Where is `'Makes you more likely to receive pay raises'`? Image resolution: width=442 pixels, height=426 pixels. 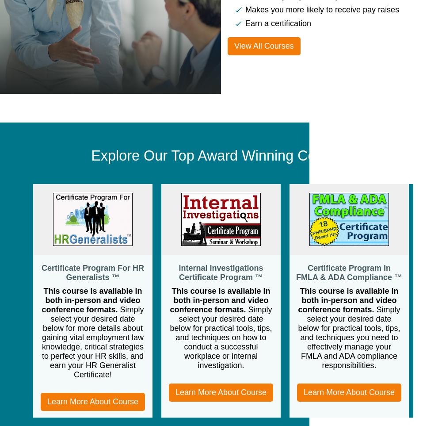 'Makes you more likely to receive pay raises' is located at coordinates (322, 8).